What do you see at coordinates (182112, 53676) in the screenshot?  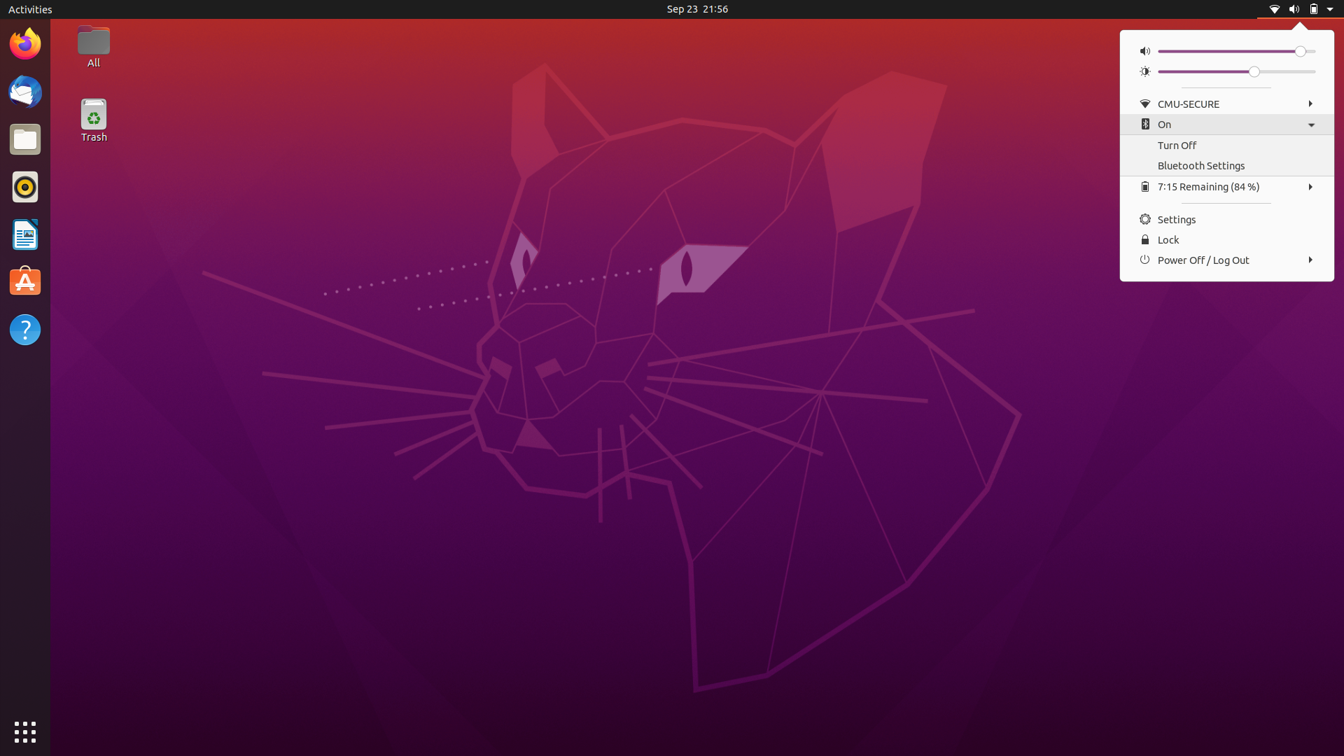 I see `Remove the selected folder` at bounding box center [182112, 53676].